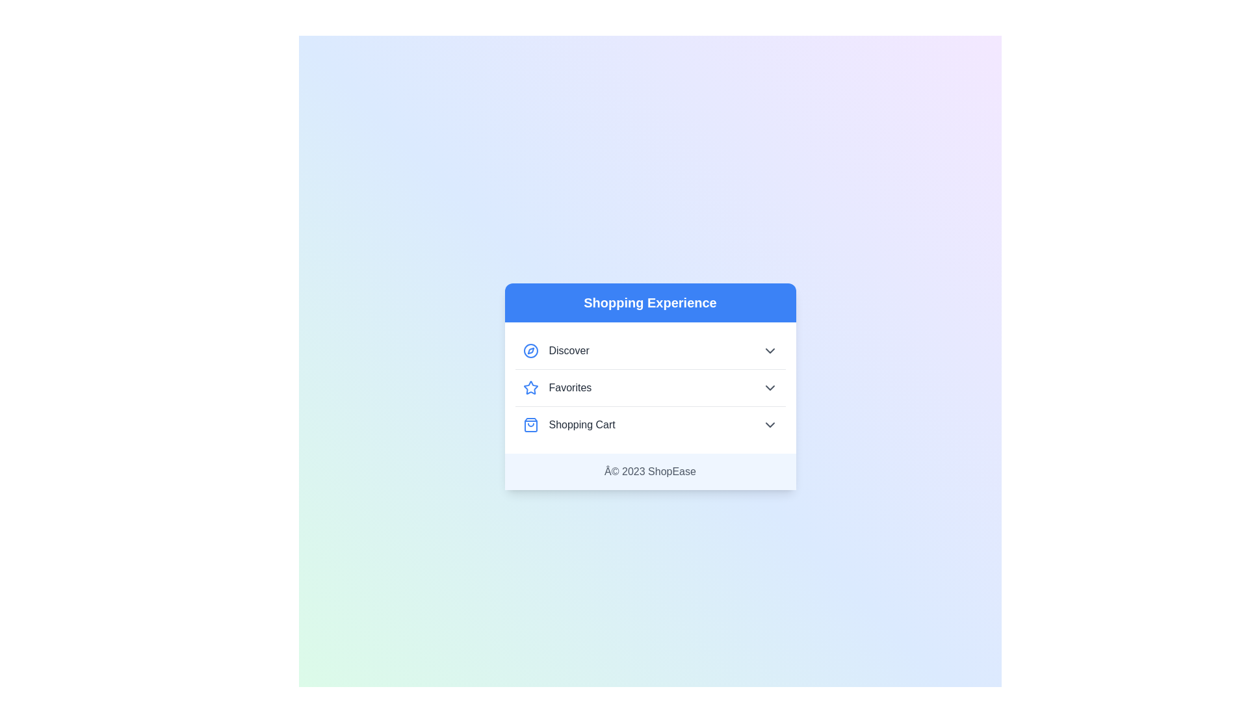  Describe the element at coordinates (650, 471) in the screenshot. I see `the footer text '© 2023 ShopEase'` at that location.